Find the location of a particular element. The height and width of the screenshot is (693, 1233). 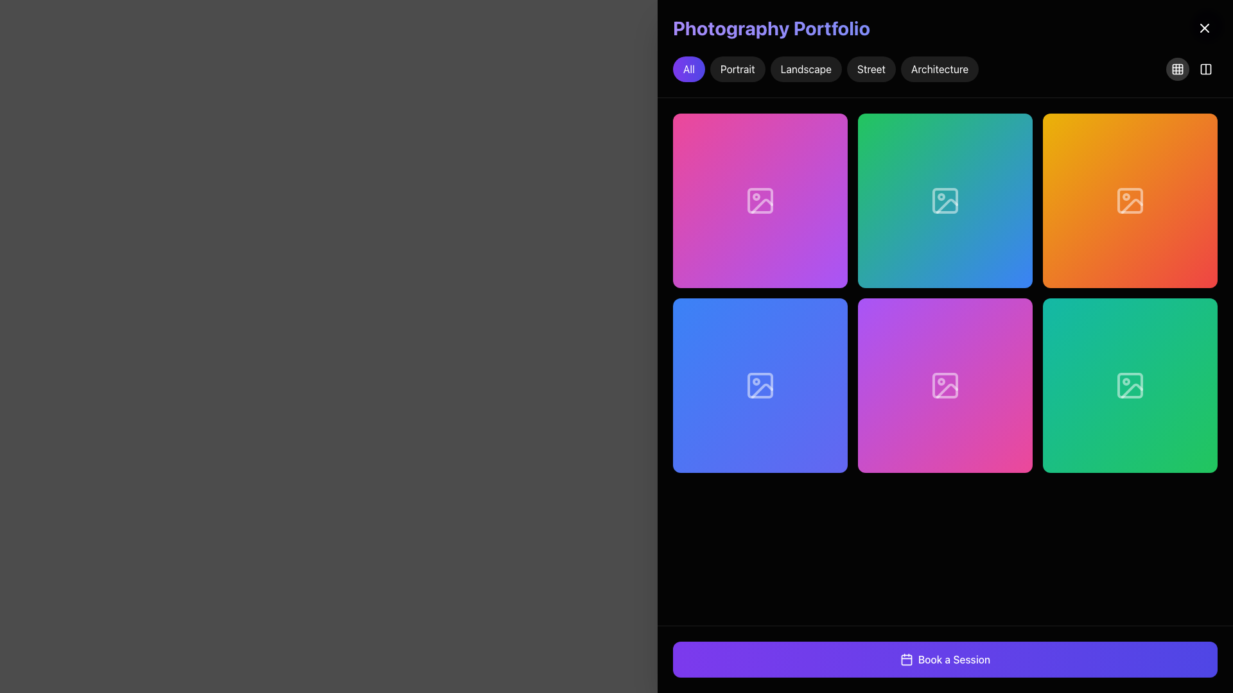

the image placeholder located as the third item in the first row of the grid layout is located at coordinates (1130, 200).